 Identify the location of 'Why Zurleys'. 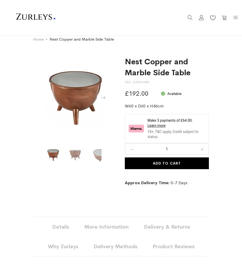
(62, 246).